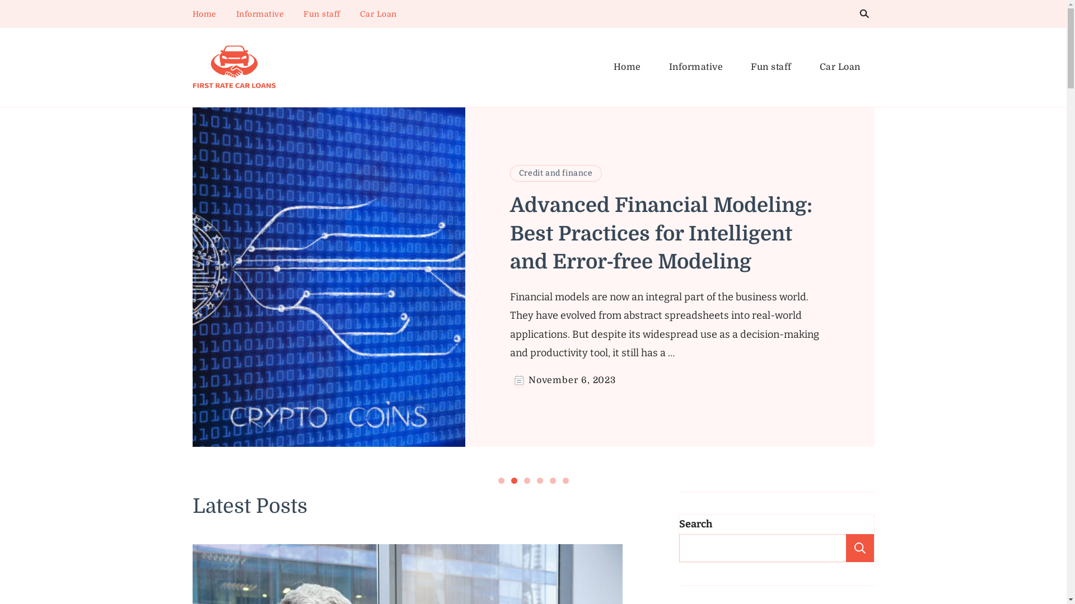  What do you see at coordinates (859, 547) in the screenshot?
I see `'Search'` at bounding box center [859, 547].